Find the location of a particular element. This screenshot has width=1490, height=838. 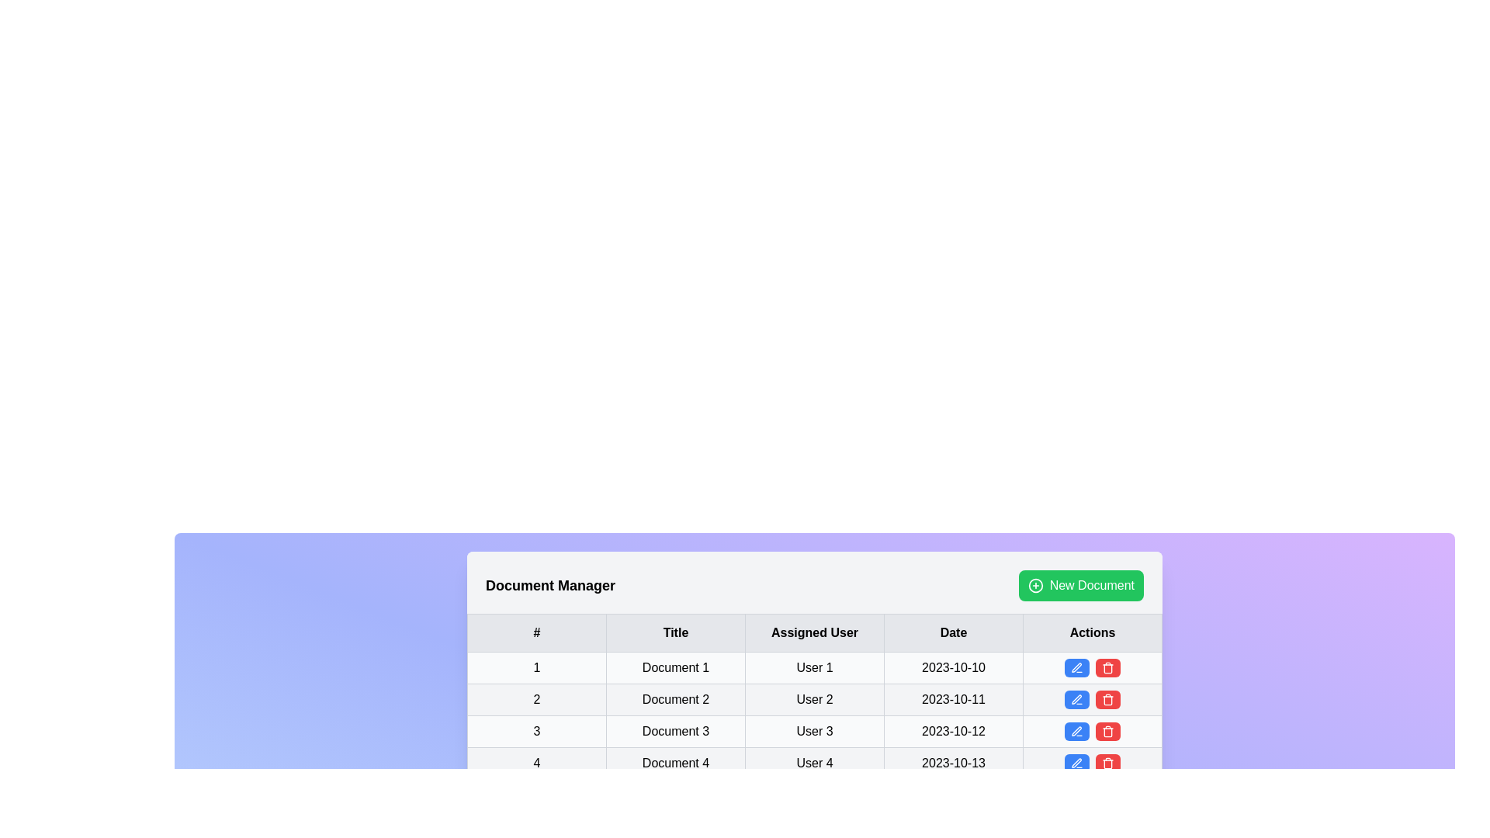

the blue button with a white pen icon located in the 'Actions' column for 'Document 2' is located at coordinates (1076, 700).